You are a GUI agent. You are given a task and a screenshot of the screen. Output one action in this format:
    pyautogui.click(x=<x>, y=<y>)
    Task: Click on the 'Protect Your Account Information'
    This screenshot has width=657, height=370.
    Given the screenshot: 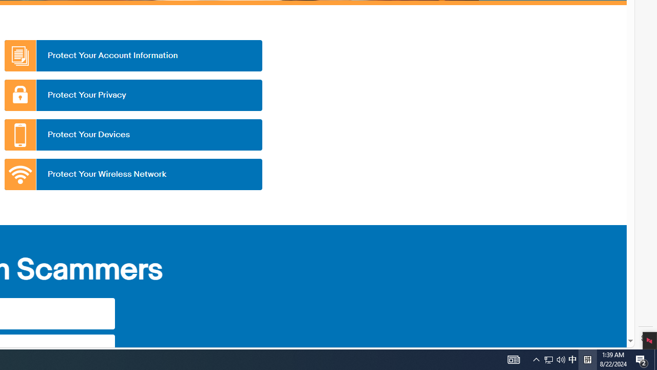 What is the action you would take?
    pyautogui.click(x=132, y=55)
    